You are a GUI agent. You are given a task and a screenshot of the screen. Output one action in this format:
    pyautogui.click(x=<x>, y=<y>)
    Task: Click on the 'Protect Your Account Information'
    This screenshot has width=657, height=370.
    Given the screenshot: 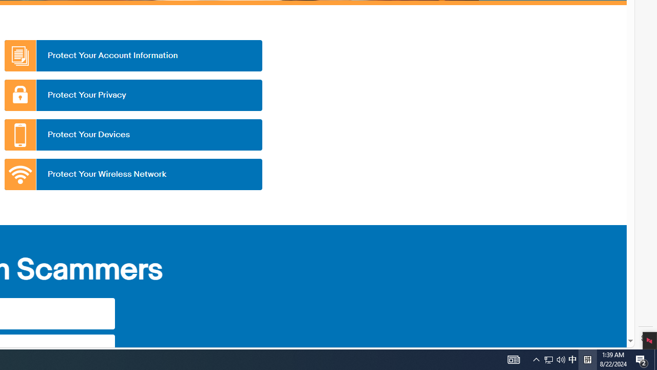 What is the action you would take?
    pyautogui.click(x=132, y=55)
    